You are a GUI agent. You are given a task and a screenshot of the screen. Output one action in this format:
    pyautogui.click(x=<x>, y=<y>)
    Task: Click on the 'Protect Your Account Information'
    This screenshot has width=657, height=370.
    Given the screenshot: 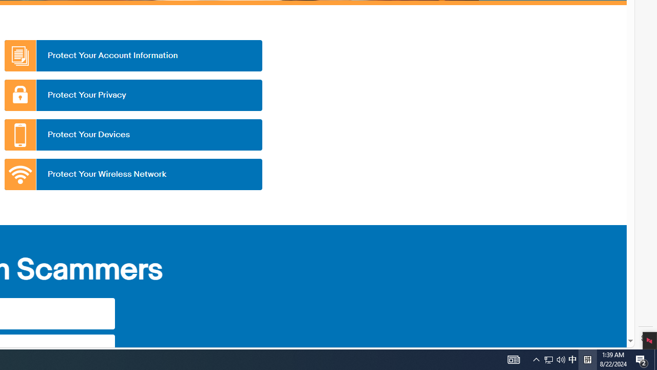 What is the action you would take?
    pyautogui.click(x=132, y=55)
    